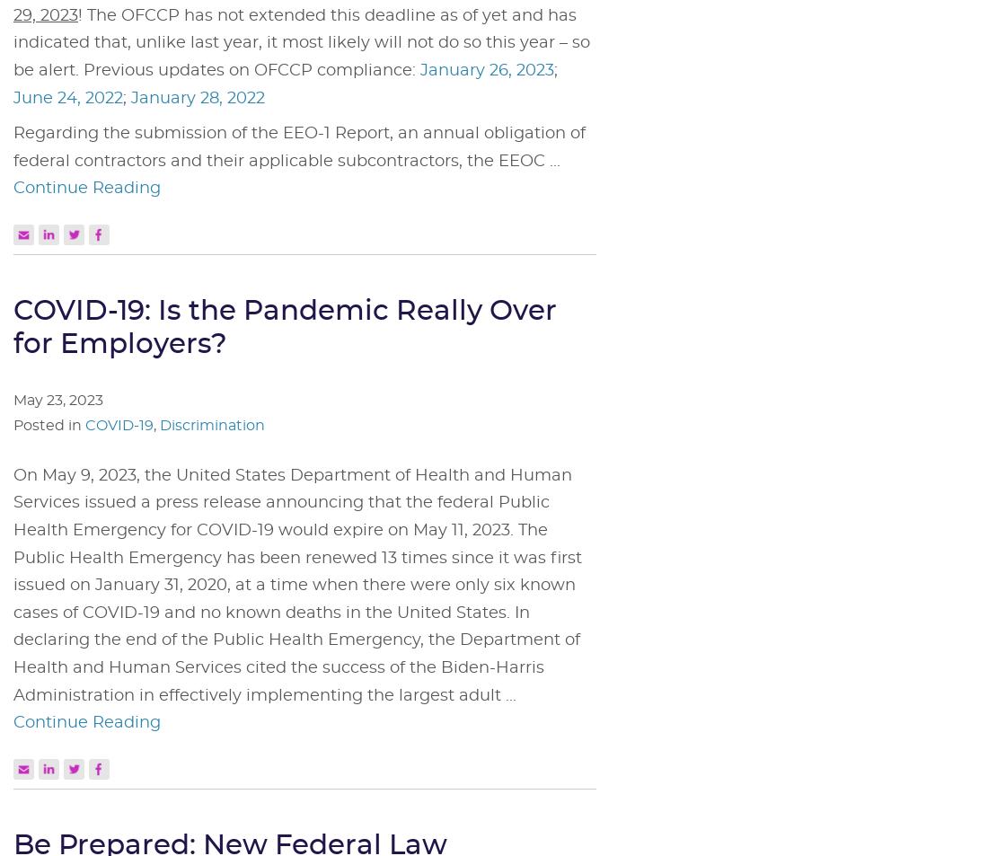 The width and height of the screenshot is (988, 856). Describe the element at coordinates (298, 146) in the screenshot. I see `'Regarding the submission of the EEO-1 Report, an annual obligation of federal contractors and their applicable subcontractors, the EEOC ...'` at that location.